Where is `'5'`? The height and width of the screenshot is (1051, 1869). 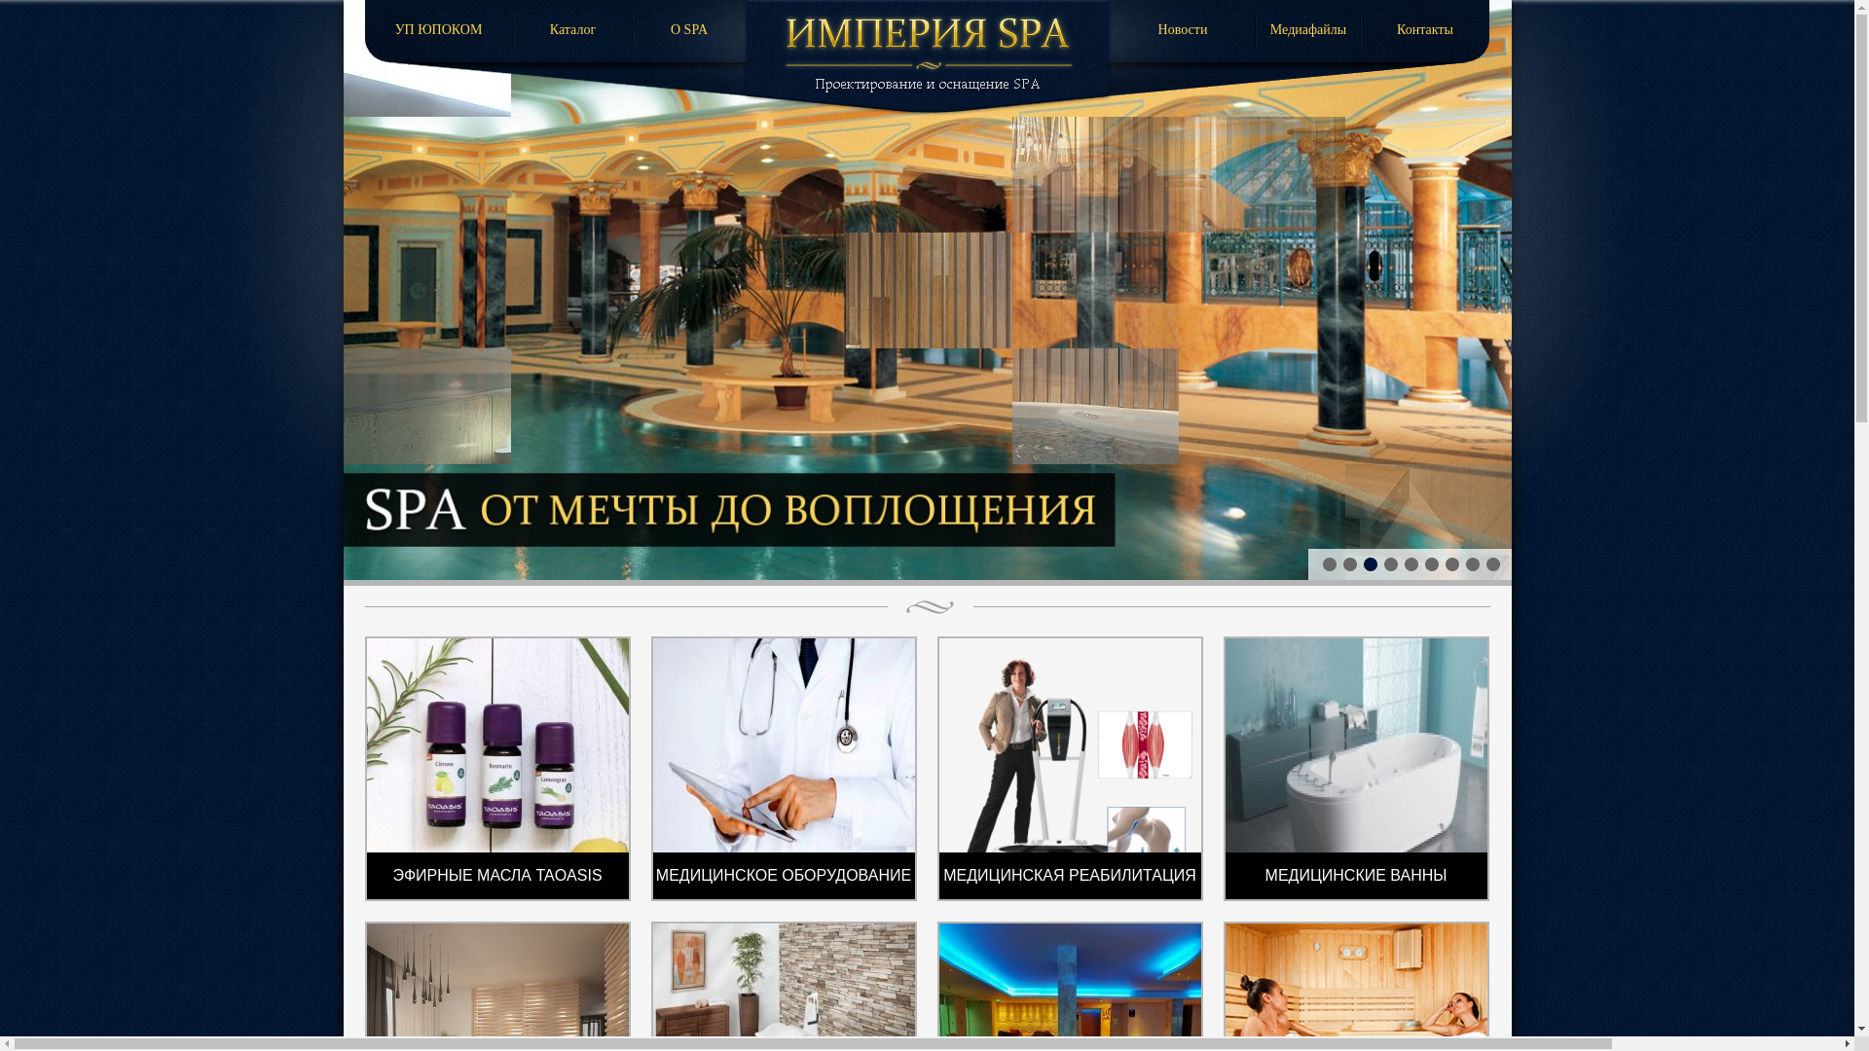 '5' is located at coordinates (1411, 563).